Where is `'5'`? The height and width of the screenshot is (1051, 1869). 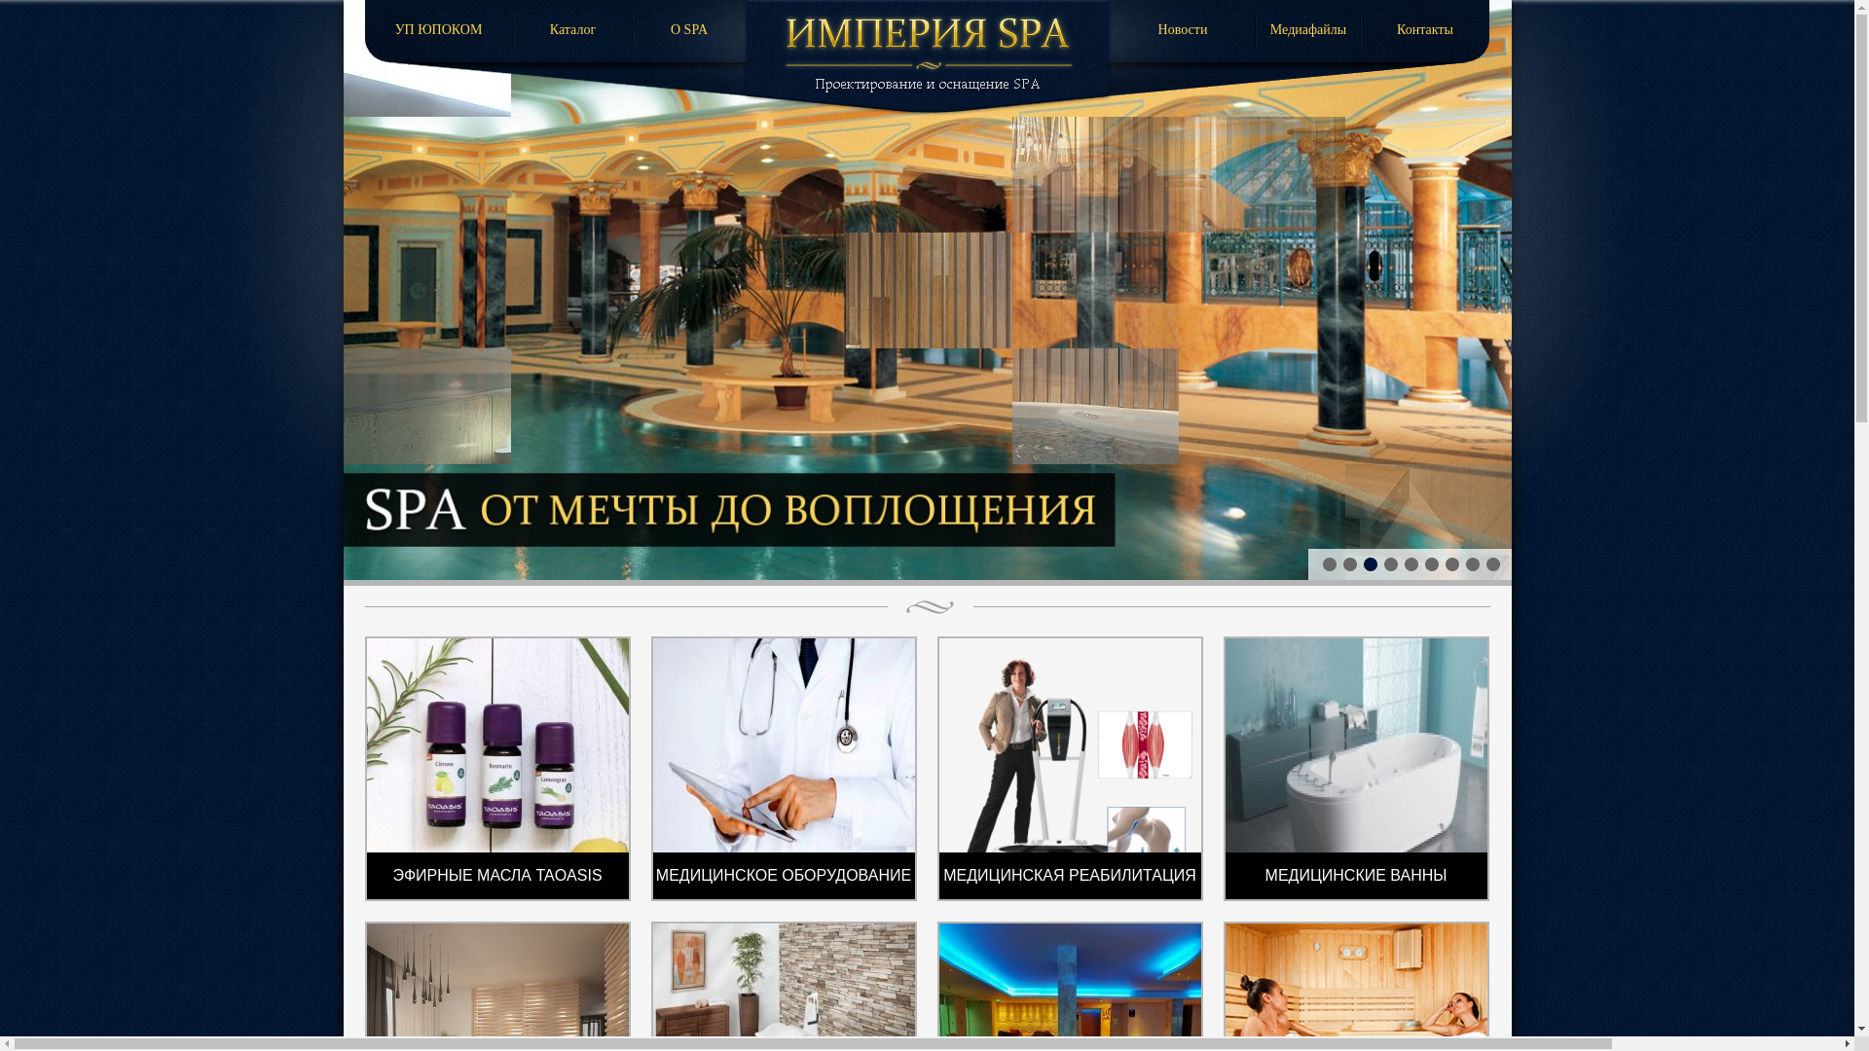 '5' is located at coordinates (1411, 563).